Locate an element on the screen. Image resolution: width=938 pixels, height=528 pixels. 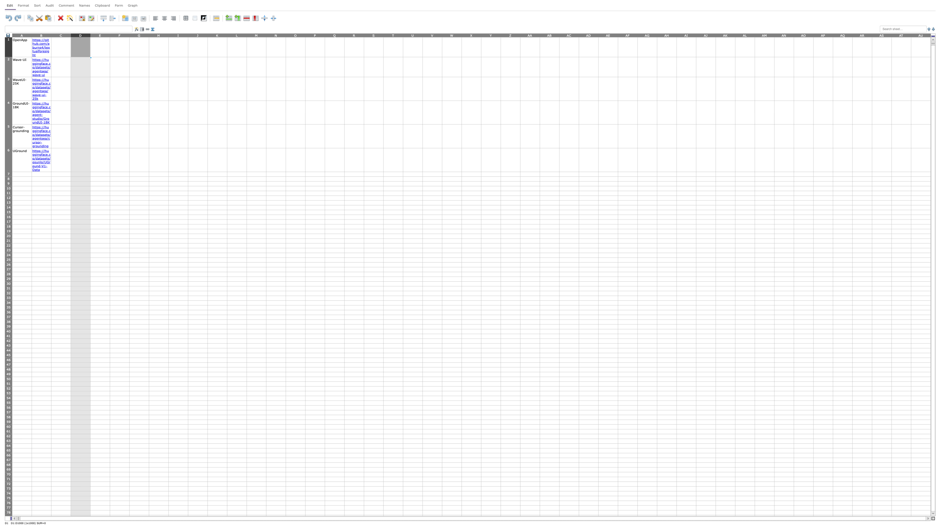
Activate entire column E is located at coordinates (100, 35).